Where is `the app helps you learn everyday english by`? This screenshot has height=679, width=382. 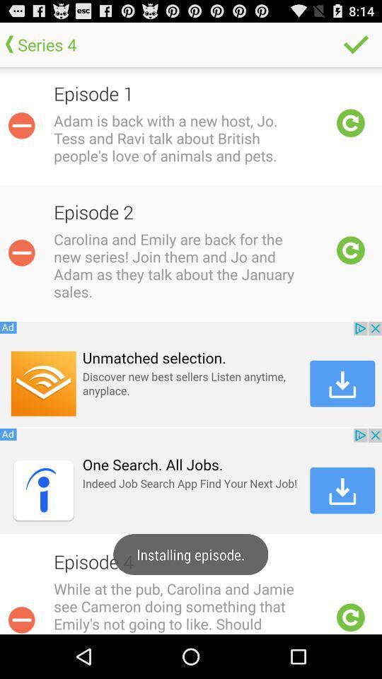
the app helps you learn everyday english by is located at coordinates (21, 617).